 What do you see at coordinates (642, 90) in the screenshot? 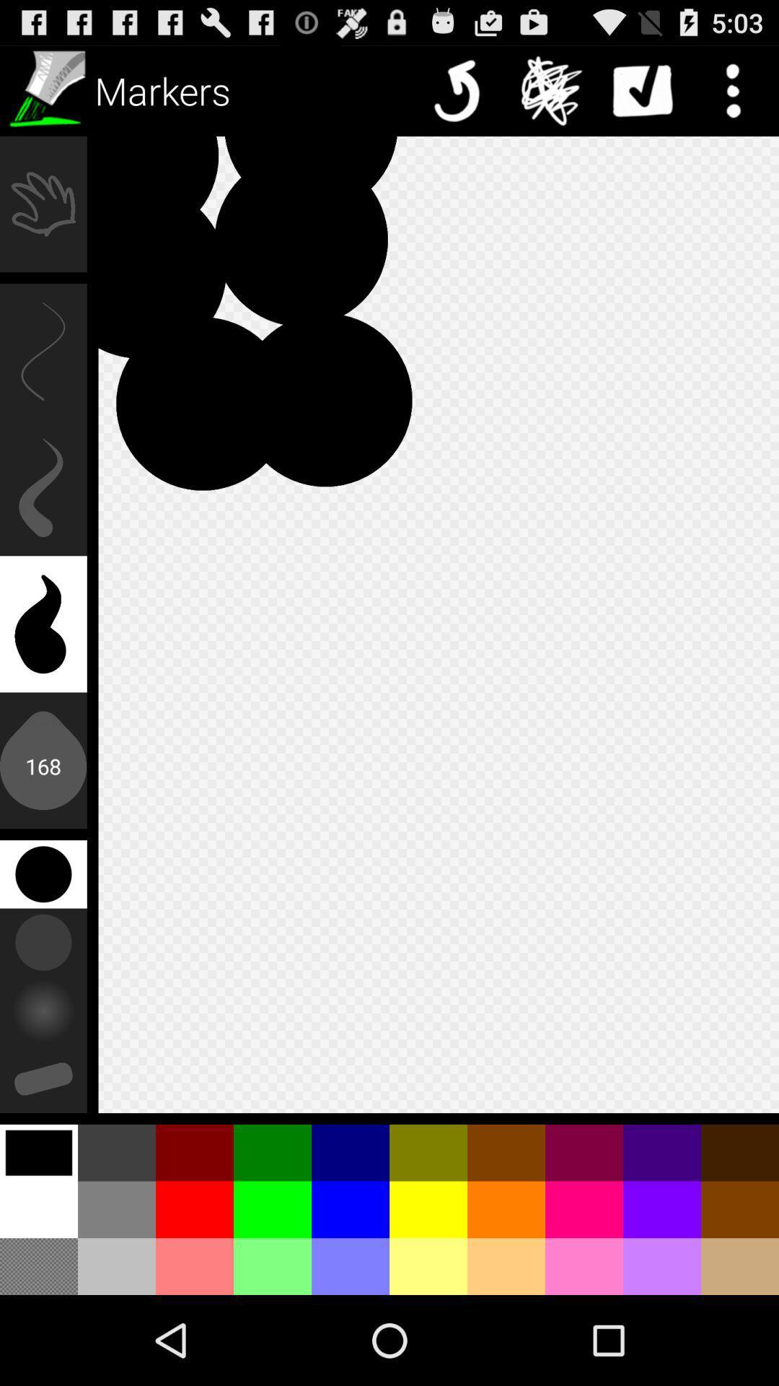
I see `the tick button` at bounding box center [642, 90].